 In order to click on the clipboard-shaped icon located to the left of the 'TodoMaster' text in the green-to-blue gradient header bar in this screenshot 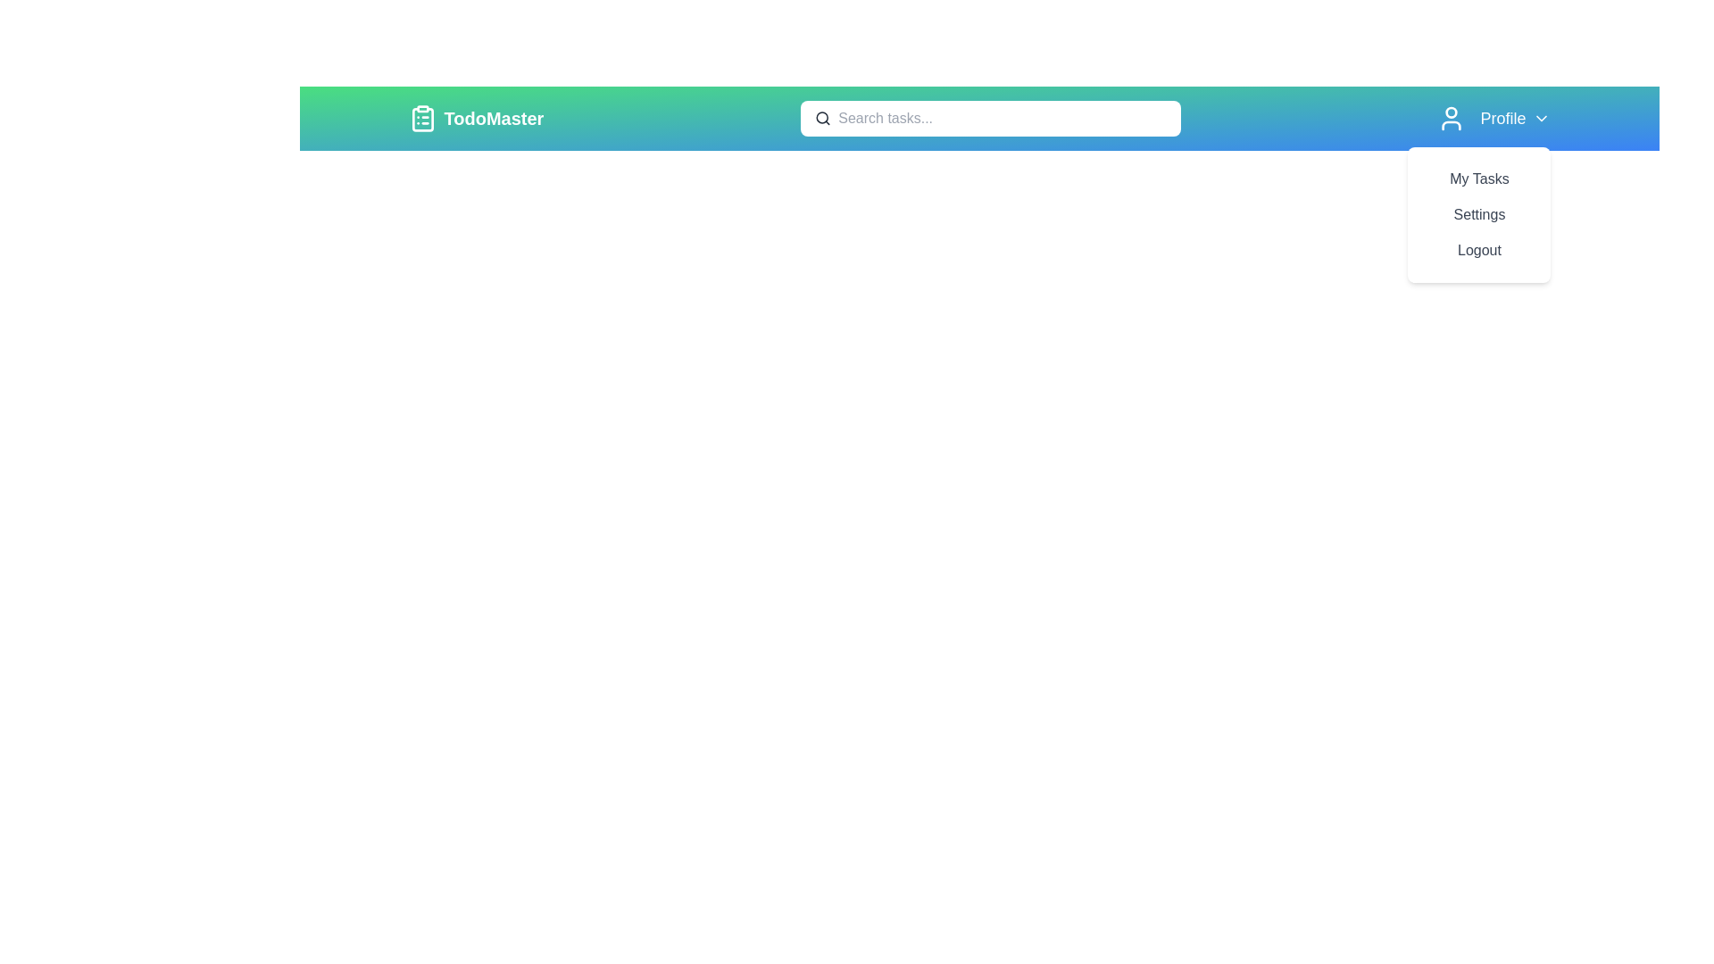, I will do `click(421, 118)`.